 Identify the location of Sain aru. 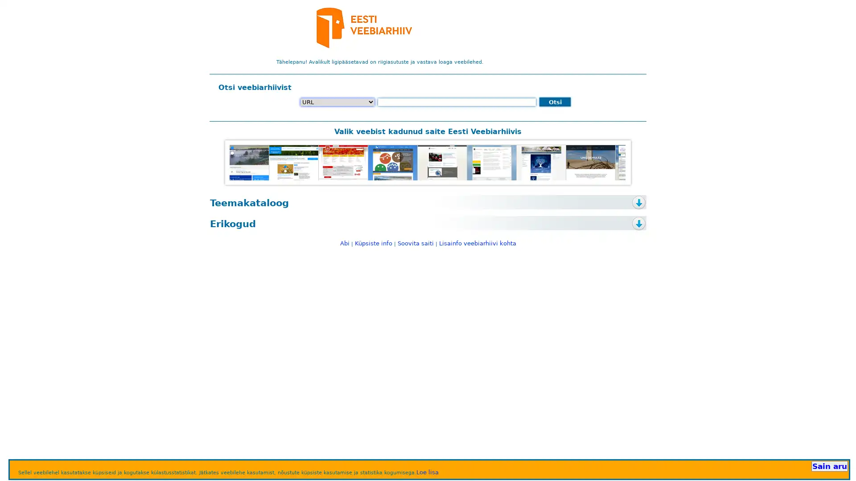
(829, 465).